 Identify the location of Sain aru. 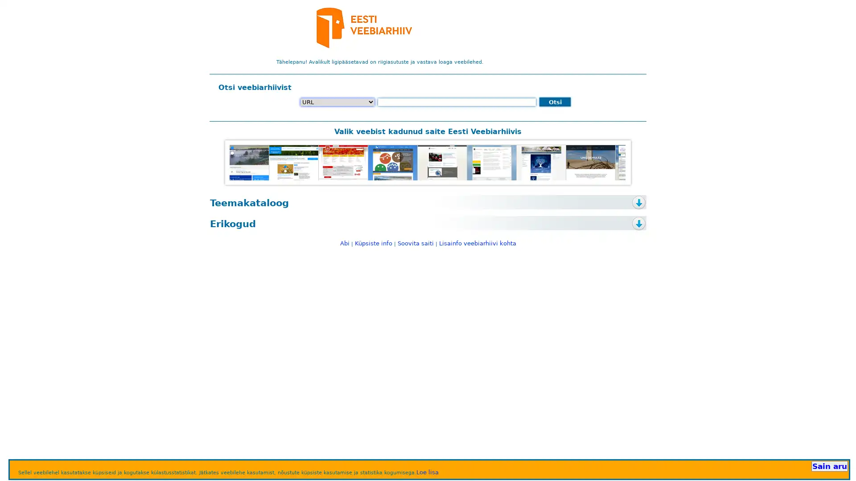
(829, 465).